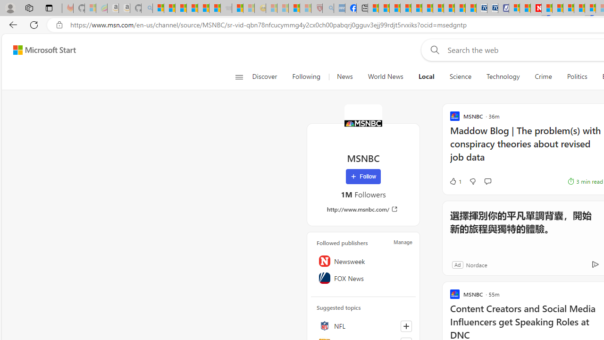  Describe the element at coordinates (363, 277) in the screenshot. I see `'FOX News'` at that location.